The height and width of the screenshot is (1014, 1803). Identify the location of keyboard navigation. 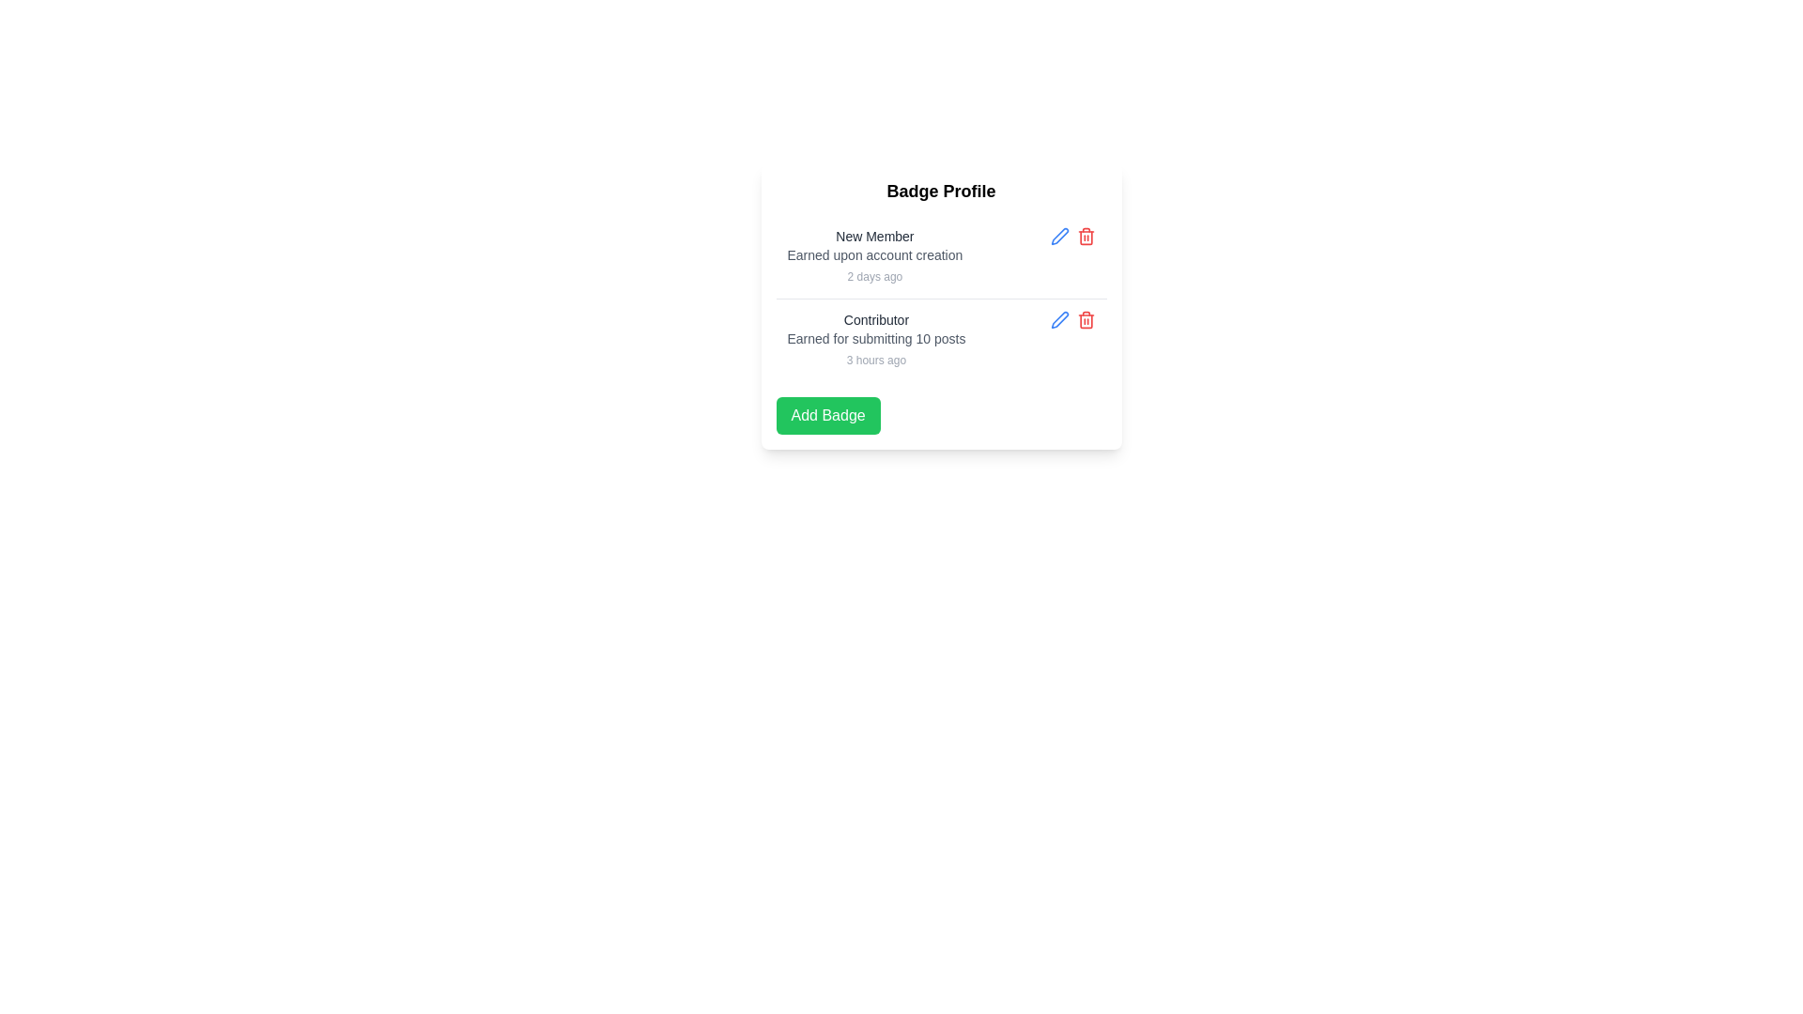
(1059, 318).